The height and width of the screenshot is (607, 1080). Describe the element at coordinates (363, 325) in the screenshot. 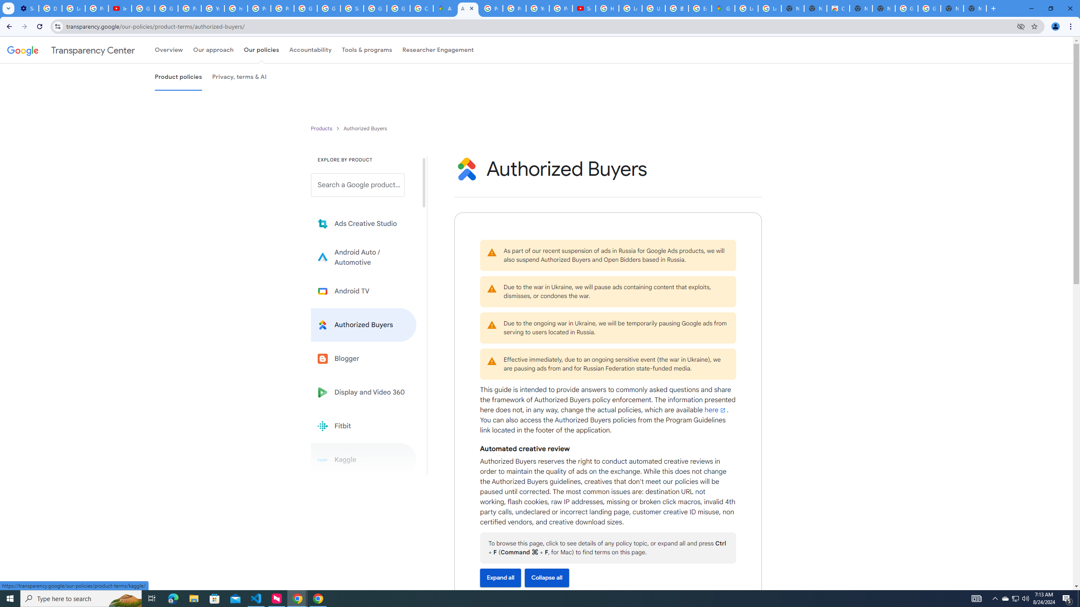

I see `'Learn more about Authorized Buyers'` at that location.